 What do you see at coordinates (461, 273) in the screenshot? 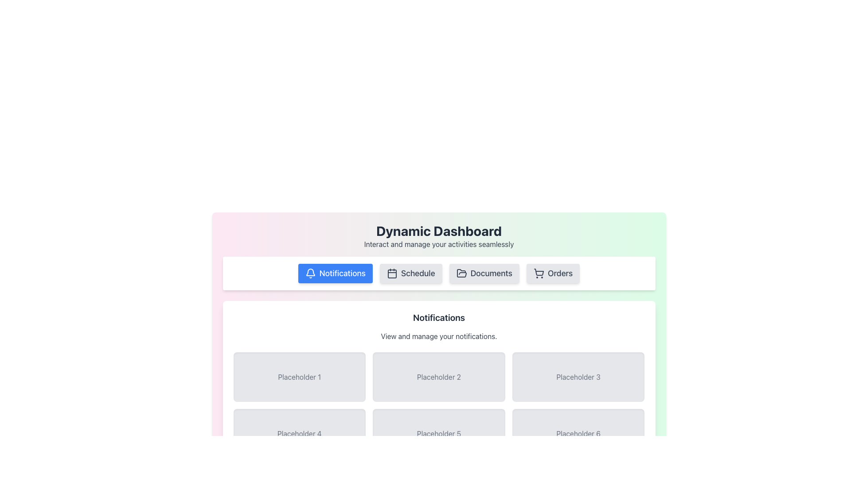
I see `the folder icon located to the left of the word 'Documents' in the top navigation bar` at bounding box center [461, 273].